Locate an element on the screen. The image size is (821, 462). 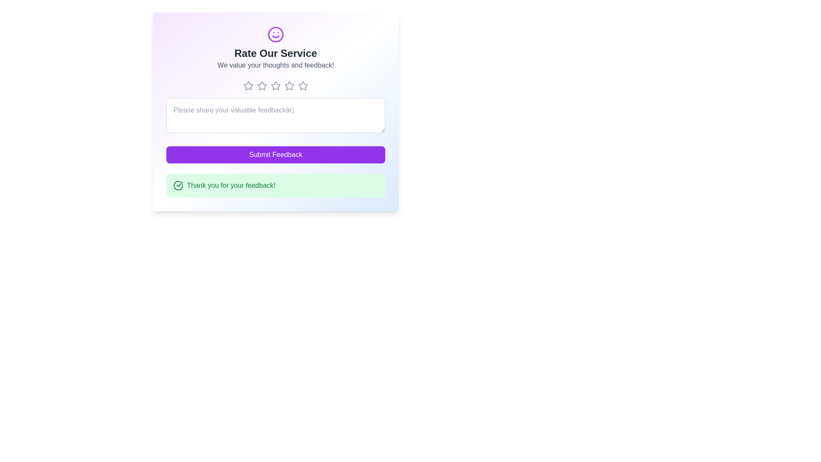
the fifth rating star icon in the 'Rate Our Service' section is located at coordinates (303, 86).